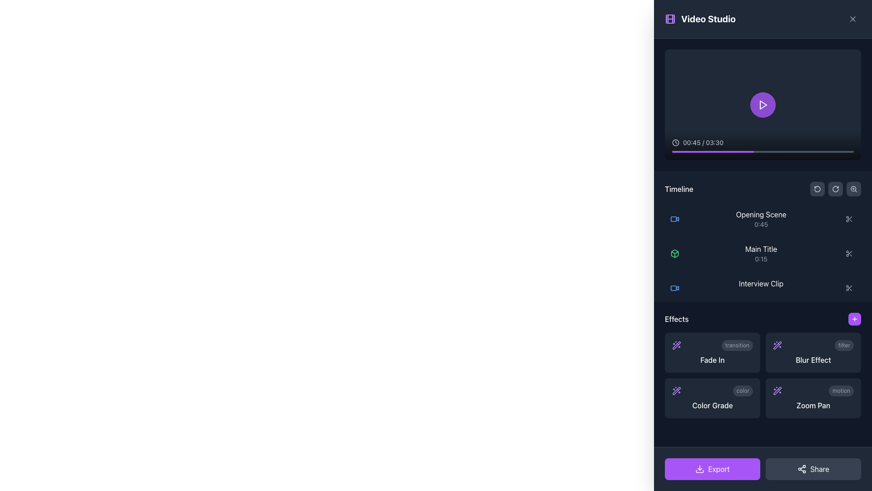 The width and height of the screenshot is (872, 491). Describe the element at coordinates (763, 145) in the screenshot. I see `the progress bar located at the bottom section of the video preview box to adjust the video playback position` at that location.